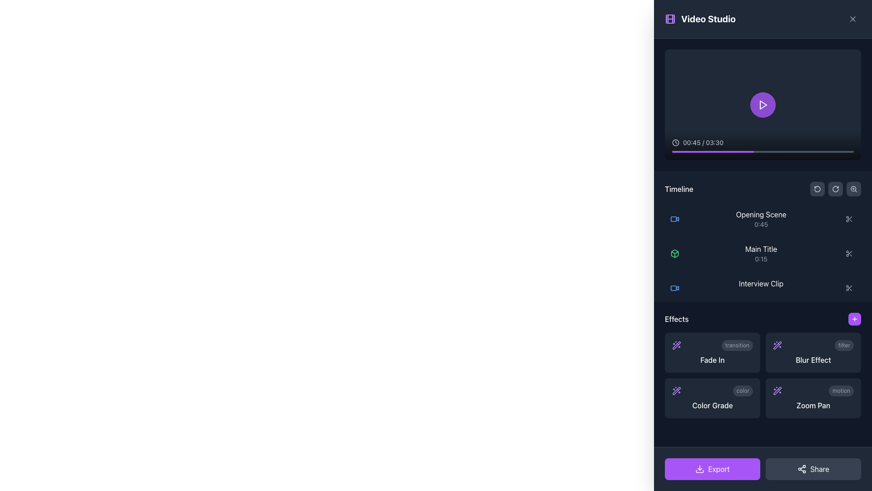 The width and height of the screenshot is (872, 491). Describe the element at coordinates (763, 145) in the screenshot. I see `the progress bar located at the bottom section of the video preview box to adjust the video playback position` at that location.